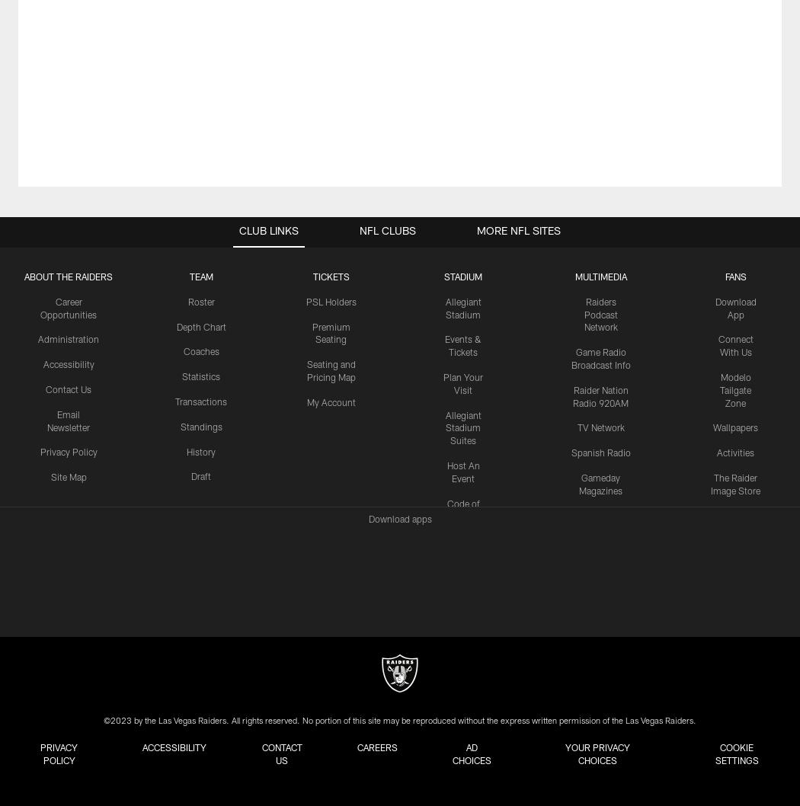 The height and width of the screenshot is (806, 800). I want to click on 'STADIUM', so click(462, 277).